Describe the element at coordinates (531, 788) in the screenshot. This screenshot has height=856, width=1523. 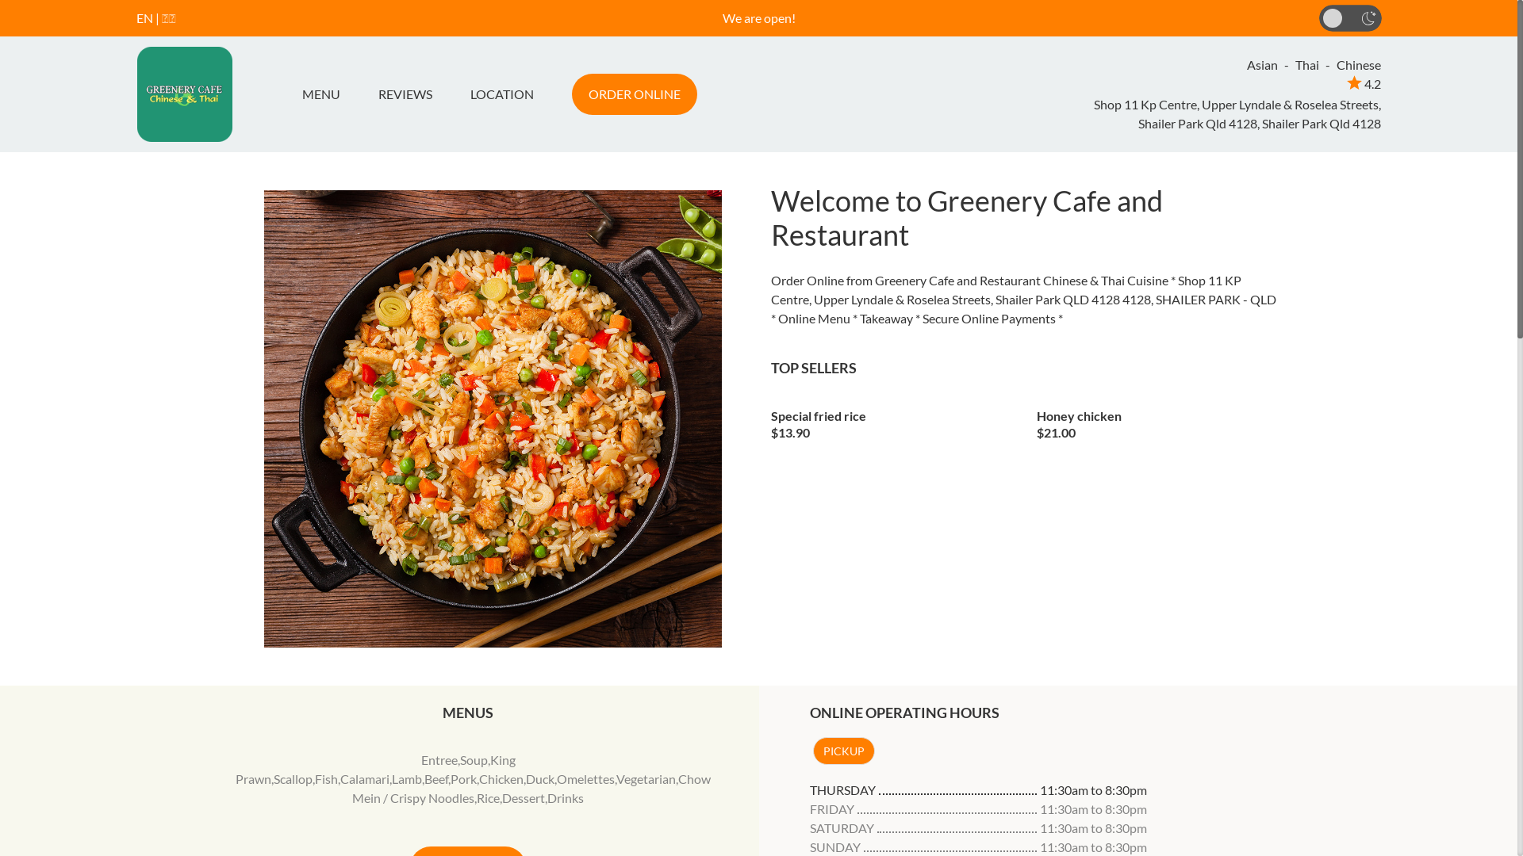
I see `'Chow Mein / Crispy Noodles'` at that location.